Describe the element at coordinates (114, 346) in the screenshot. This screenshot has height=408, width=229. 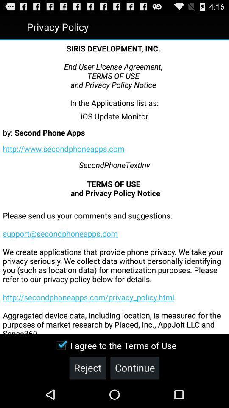
I see `icon below please send us item` at that location.